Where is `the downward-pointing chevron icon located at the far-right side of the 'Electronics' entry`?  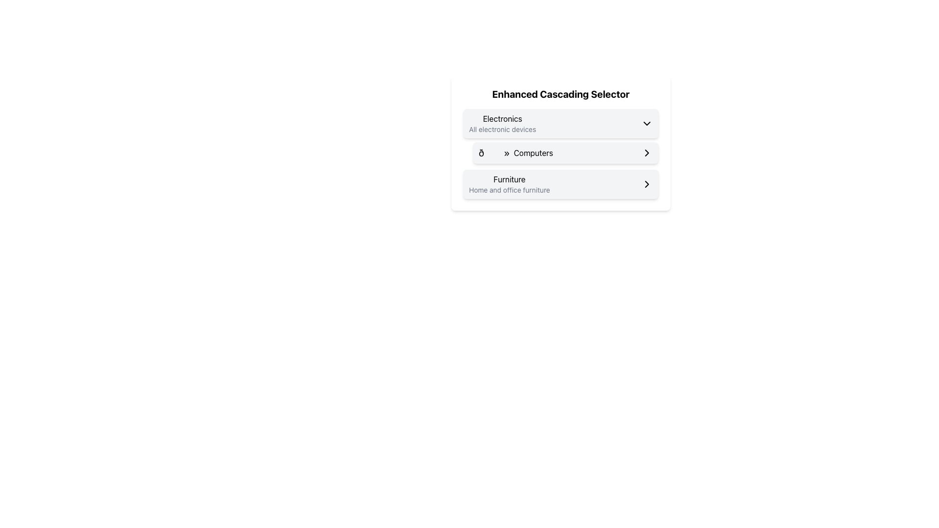 the downward-pointing chevron icon located at the far-right side of the 'Electronics' entry is located at coordinates (647, 123).